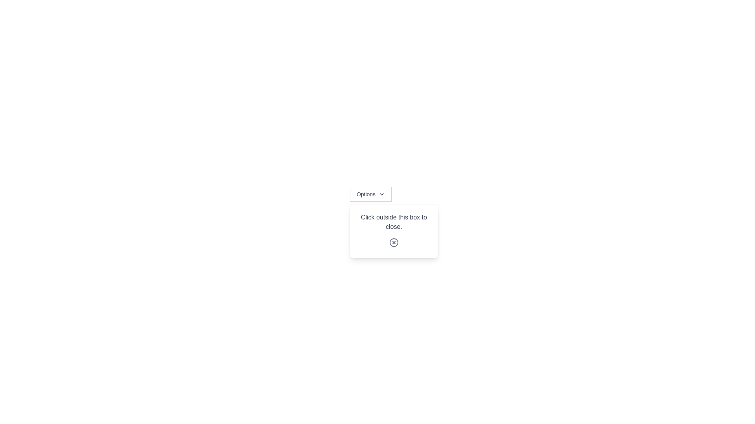 The width and height of the screenshot is (755, 424). What do you see at coordinates (370, 194) in the screenshot?
I see `the Dropdown Button located at the center-top of the viewport, which has a chevron icon indicating that it can be expanded` at bounding box center [370, 194].